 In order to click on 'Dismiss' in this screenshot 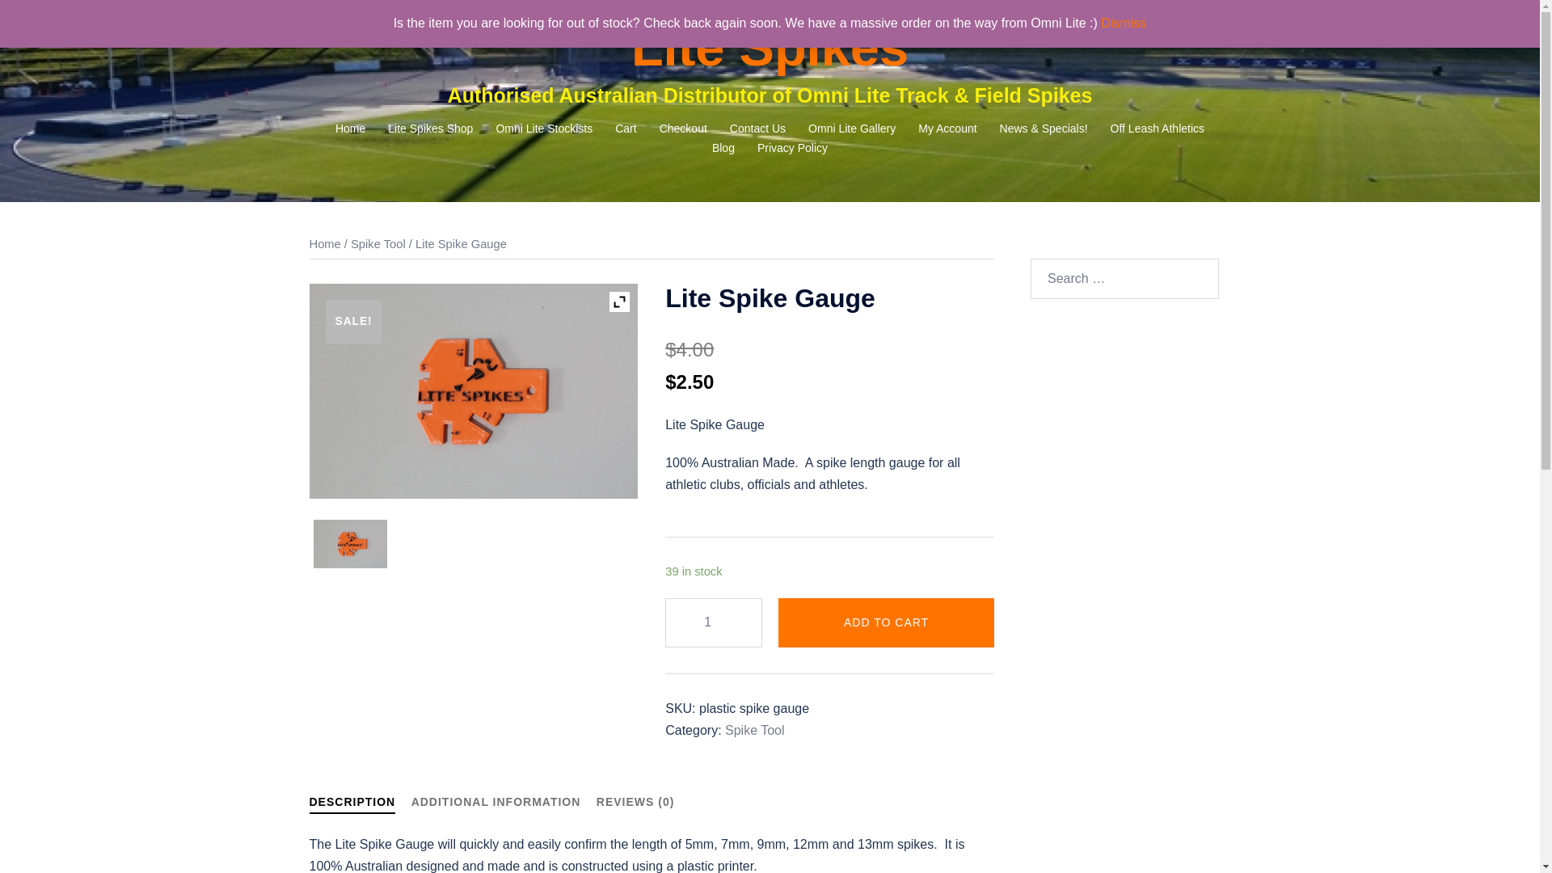, I will do `click(1123, 23)`.